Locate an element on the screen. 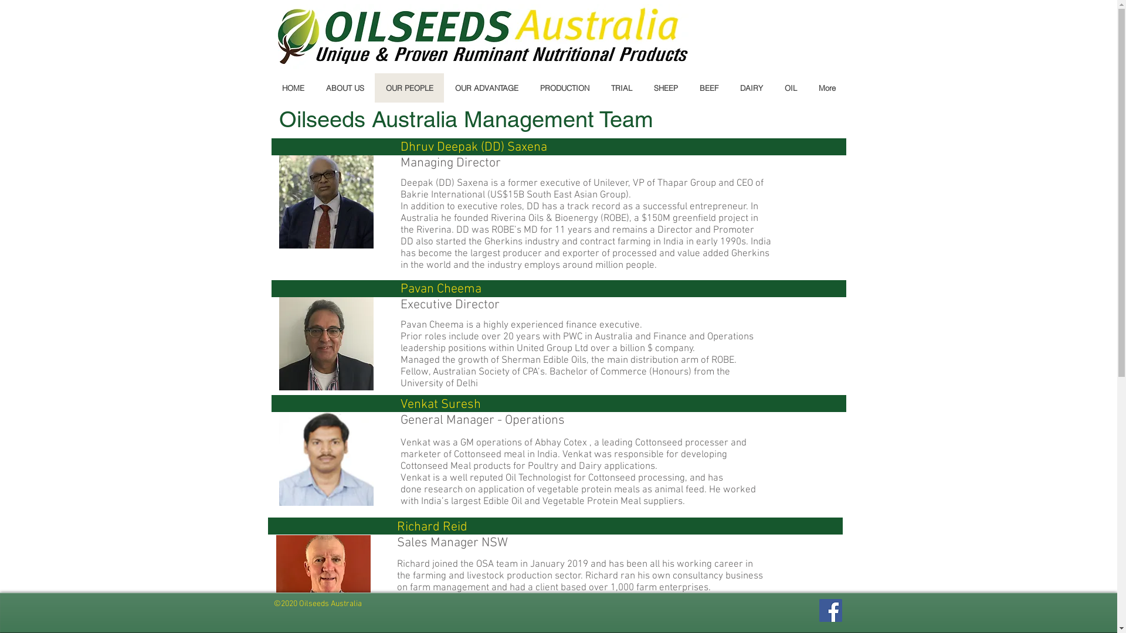 The image size is (1126, 633). 'DAIRY' is located at coordinates (751, 87).